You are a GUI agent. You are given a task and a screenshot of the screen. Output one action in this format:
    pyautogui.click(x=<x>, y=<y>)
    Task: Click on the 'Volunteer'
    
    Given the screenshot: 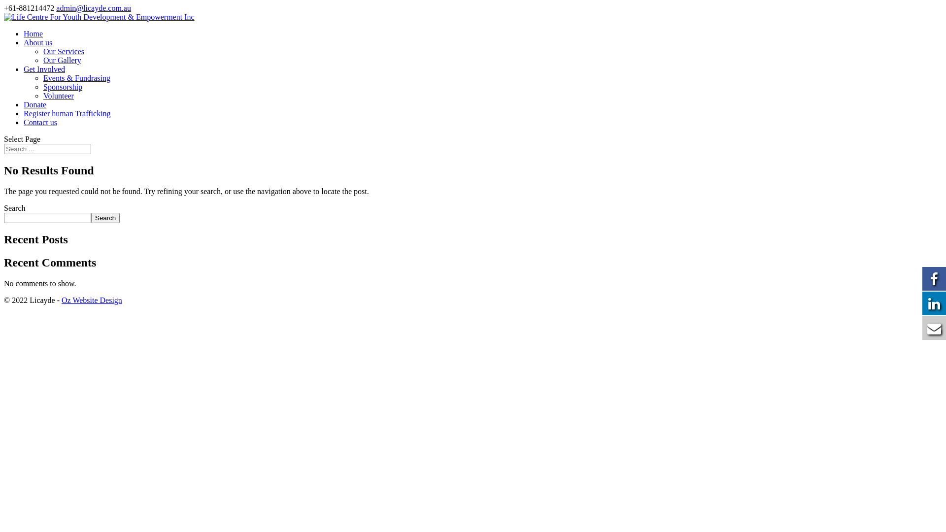 What is the action you would take?
    pyautogui.click(x=58, y=96)
    